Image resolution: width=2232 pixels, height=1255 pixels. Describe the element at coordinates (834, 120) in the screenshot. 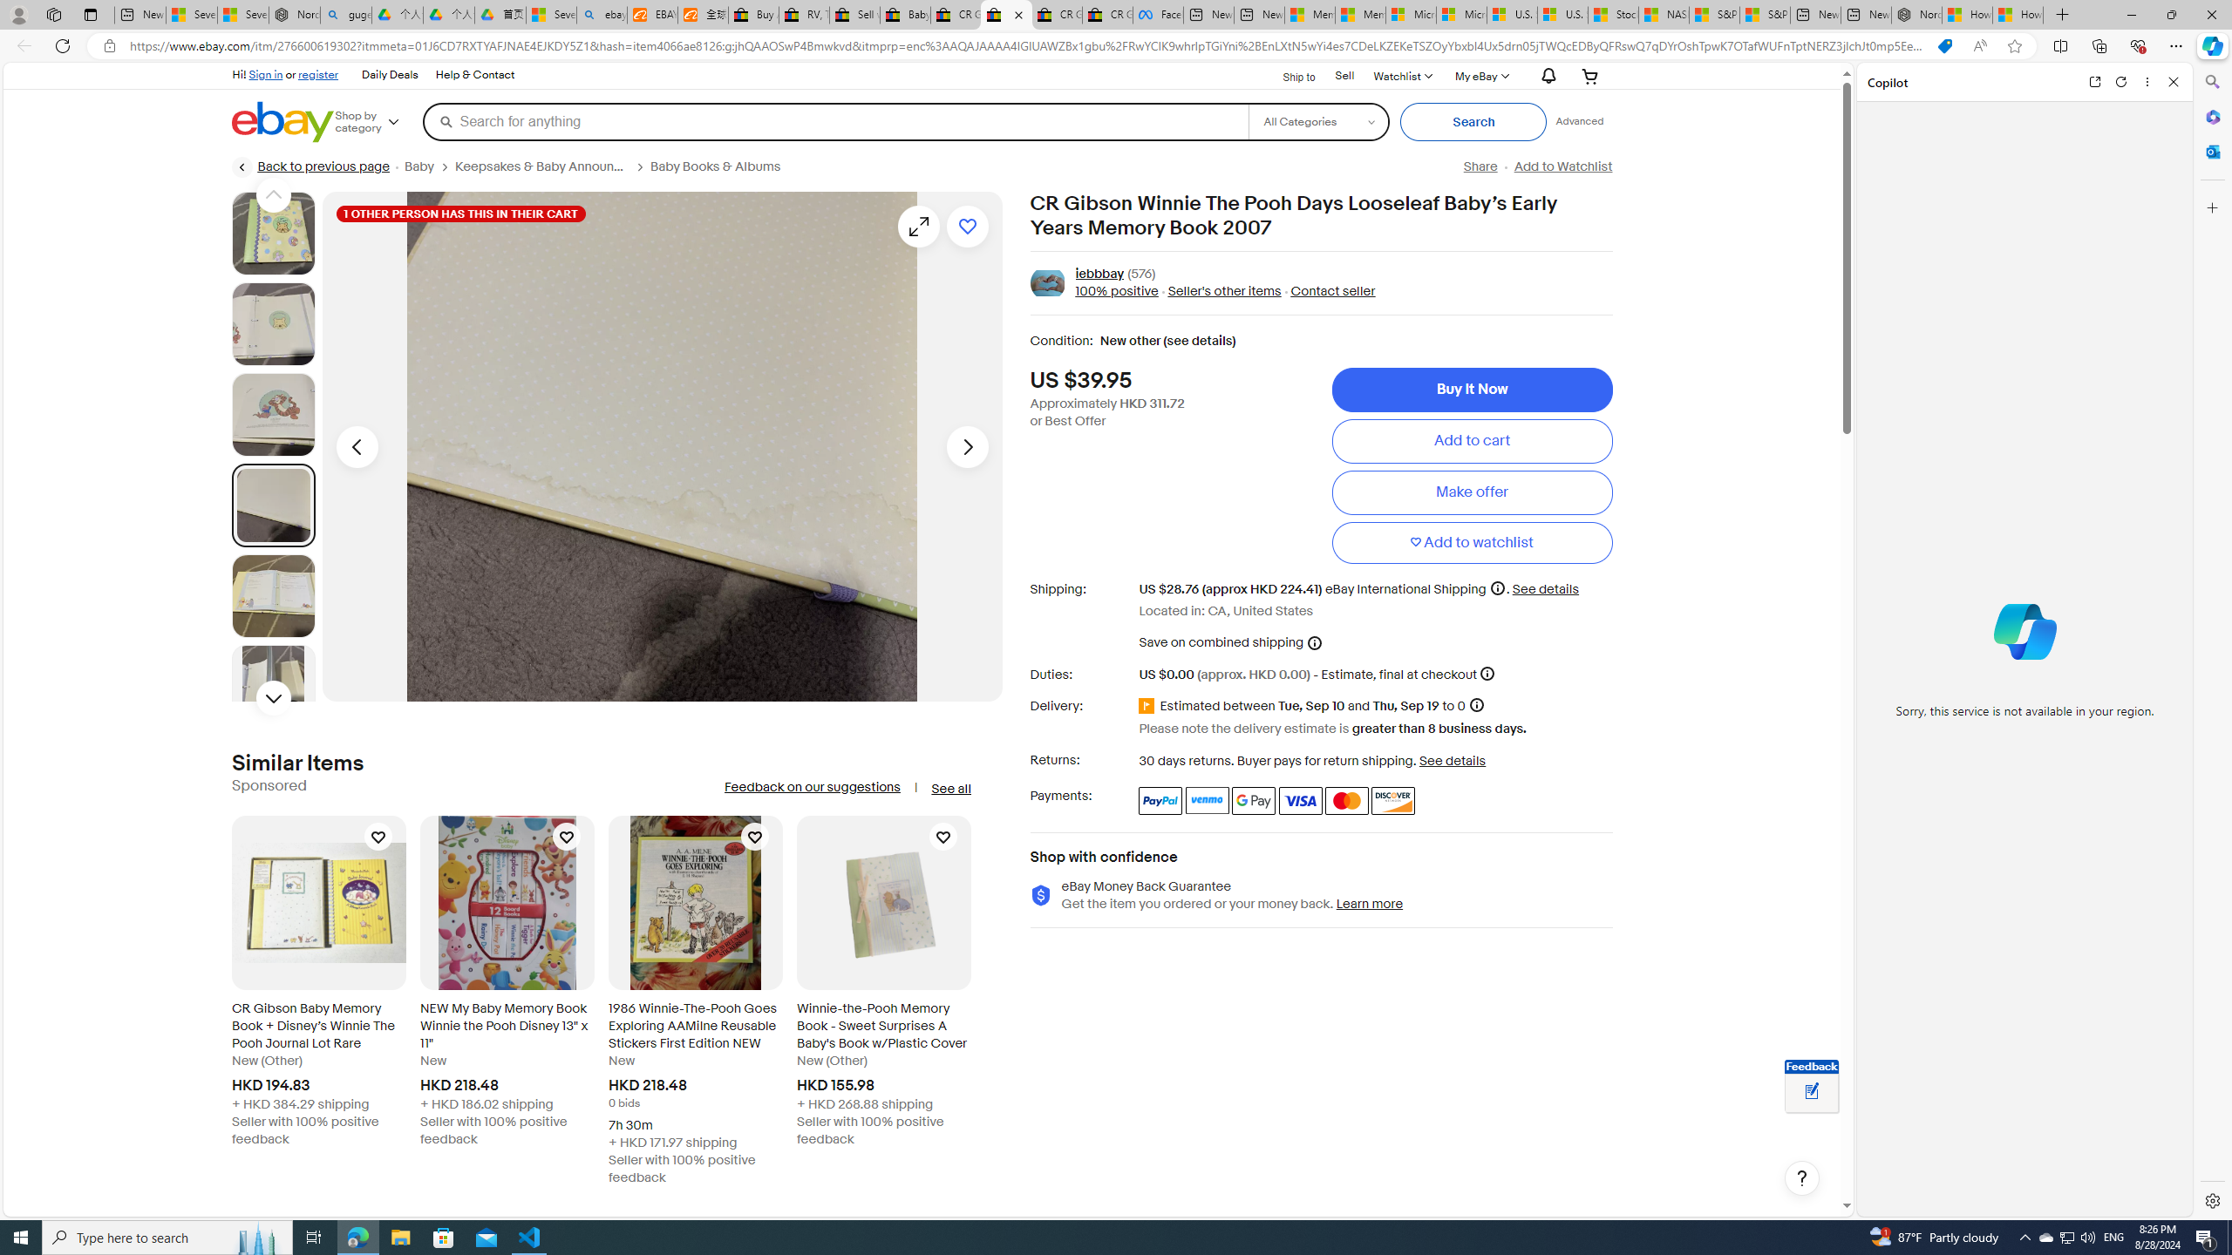

I see `'Search for anything'` at that location.